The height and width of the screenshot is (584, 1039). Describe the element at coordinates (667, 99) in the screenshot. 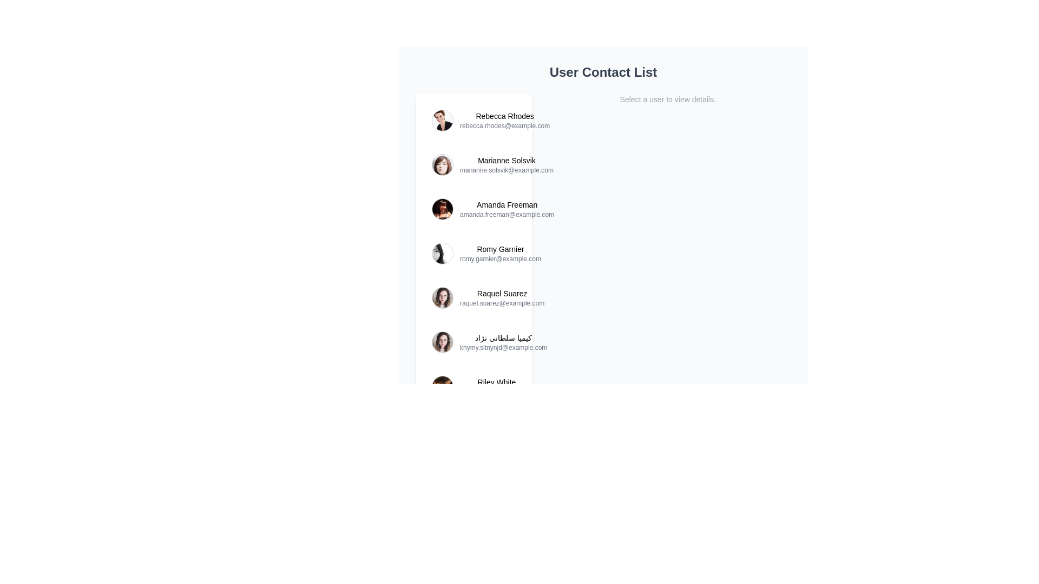

I see `the text label that reads 'Select a user` at that location.